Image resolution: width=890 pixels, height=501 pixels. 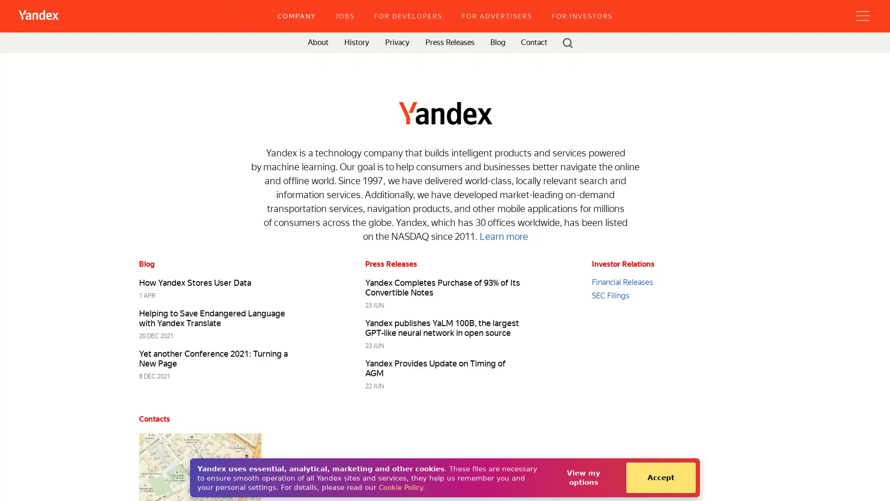 What do you see at coordinates (660, 477) in the screenshot?
I see `Accept` at bounding box center [660, 477].